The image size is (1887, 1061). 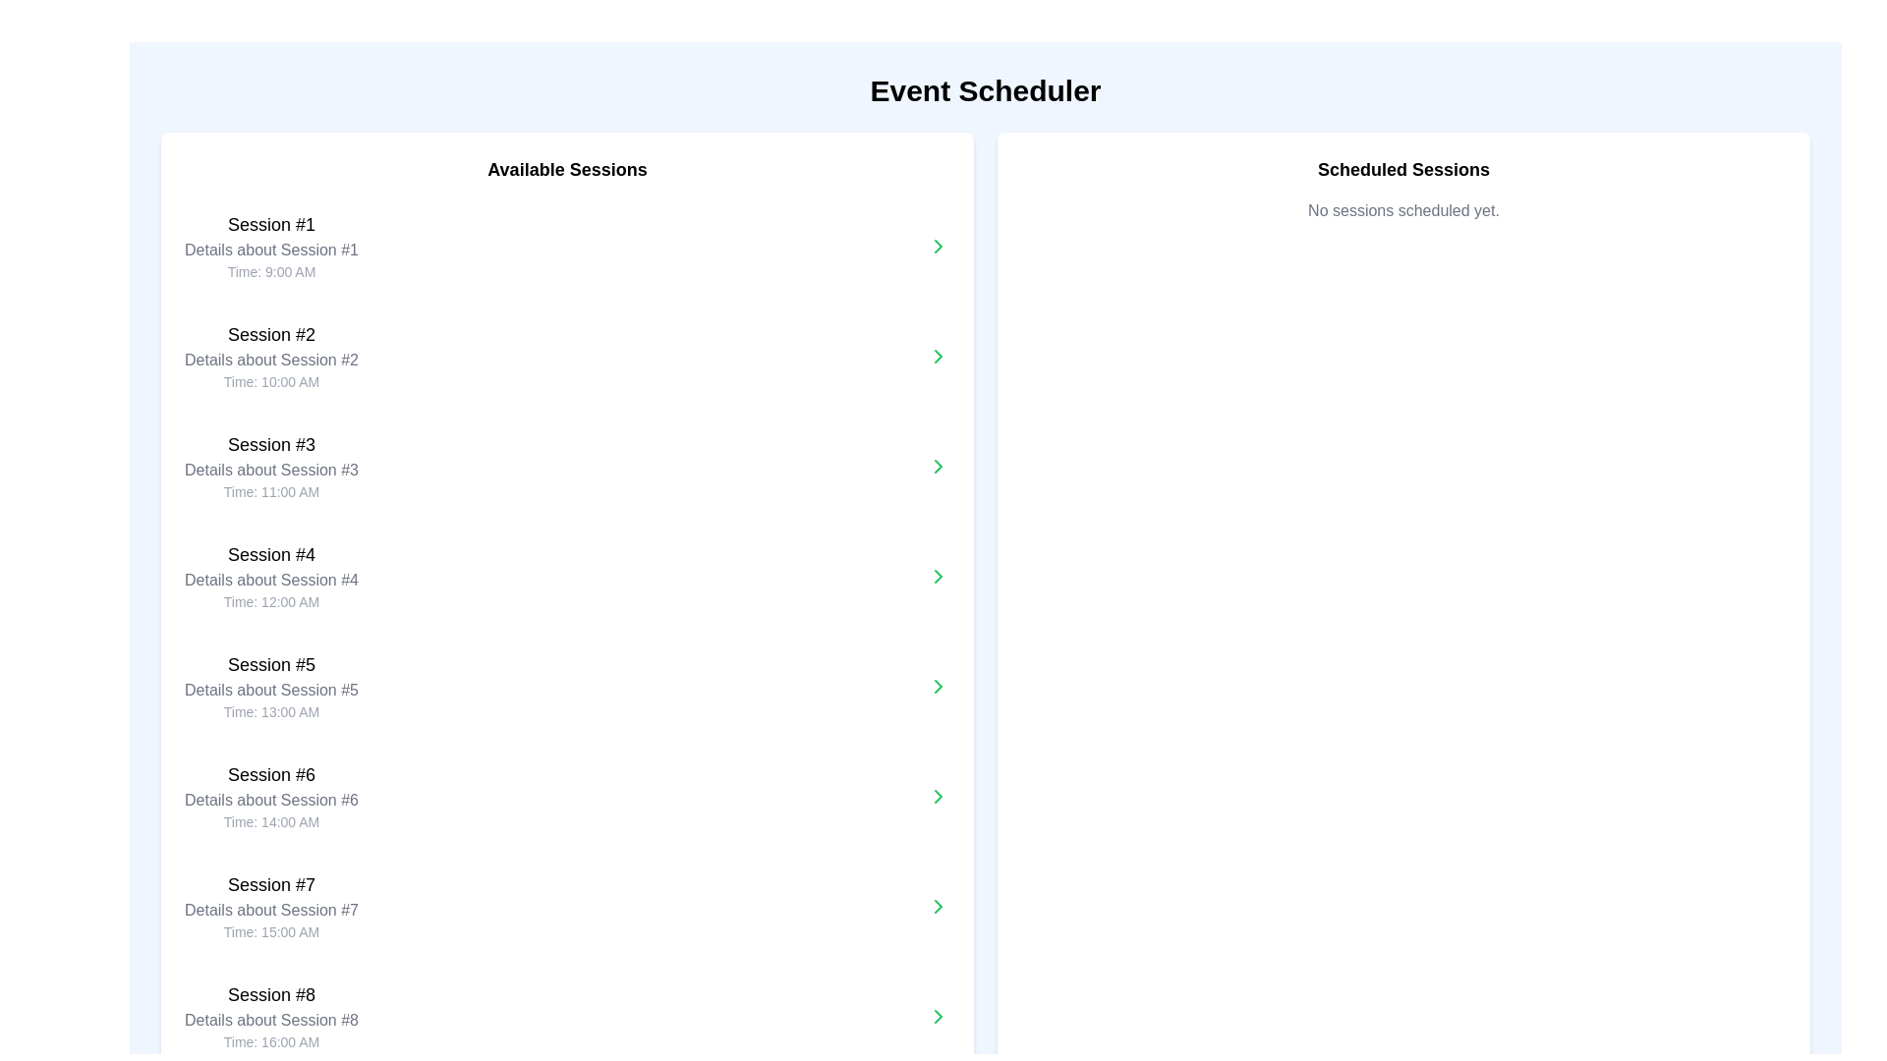 I want to click on the Chevron navigation button located at the right end of the 'Session #3' row to change its color, so click(x=938, y=466).